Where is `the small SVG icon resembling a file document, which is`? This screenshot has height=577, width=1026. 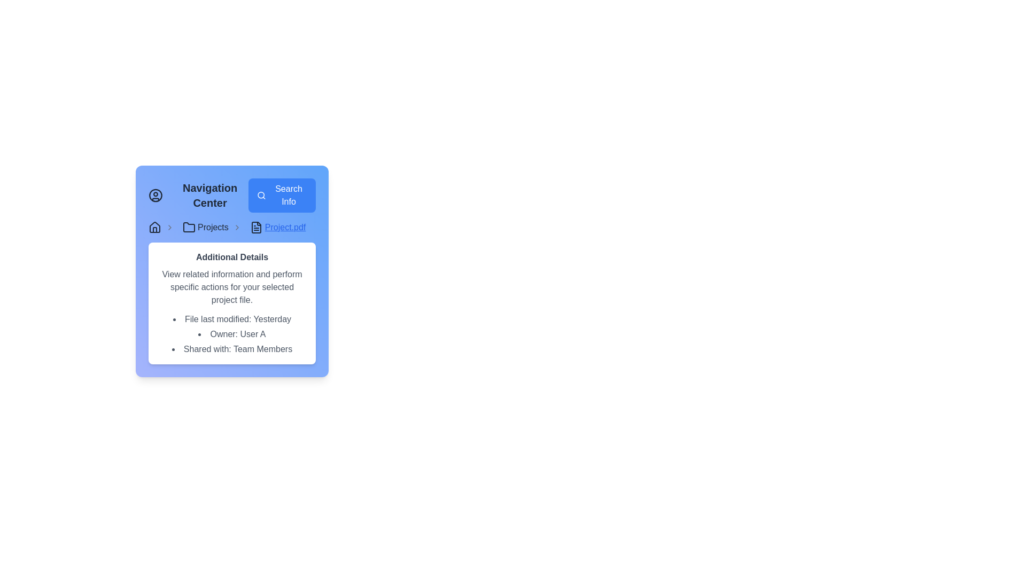
the small SVG icon resembling a file document, which is is located at coordinates (255, 227).